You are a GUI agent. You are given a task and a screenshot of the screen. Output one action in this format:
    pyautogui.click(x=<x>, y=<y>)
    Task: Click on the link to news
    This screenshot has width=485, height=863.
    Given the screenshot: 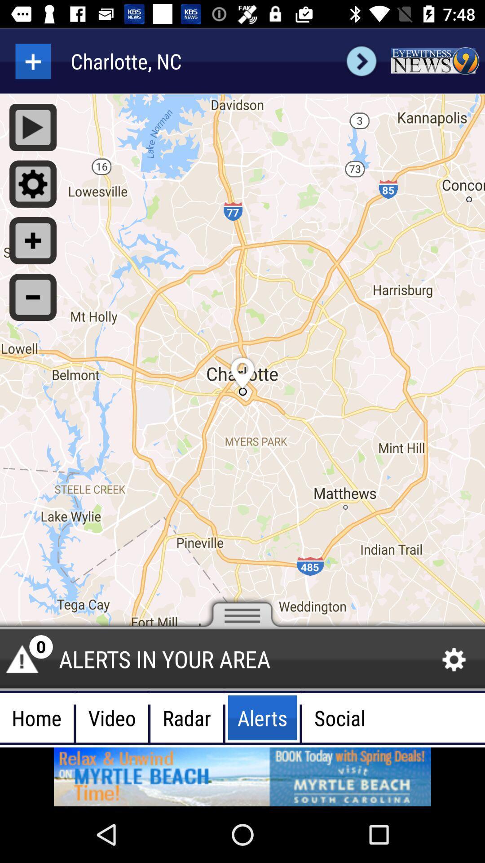 What is the action you would take?
    pyautogui.click(x=434, y=61)
    